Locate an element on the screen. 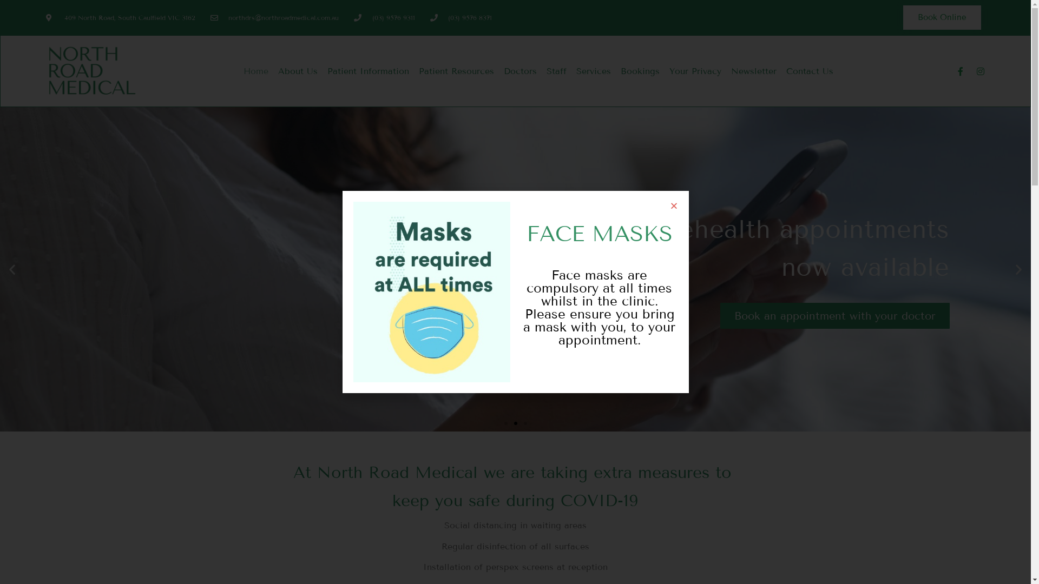  'Patient Resources' is located at coordinates (456, 71).